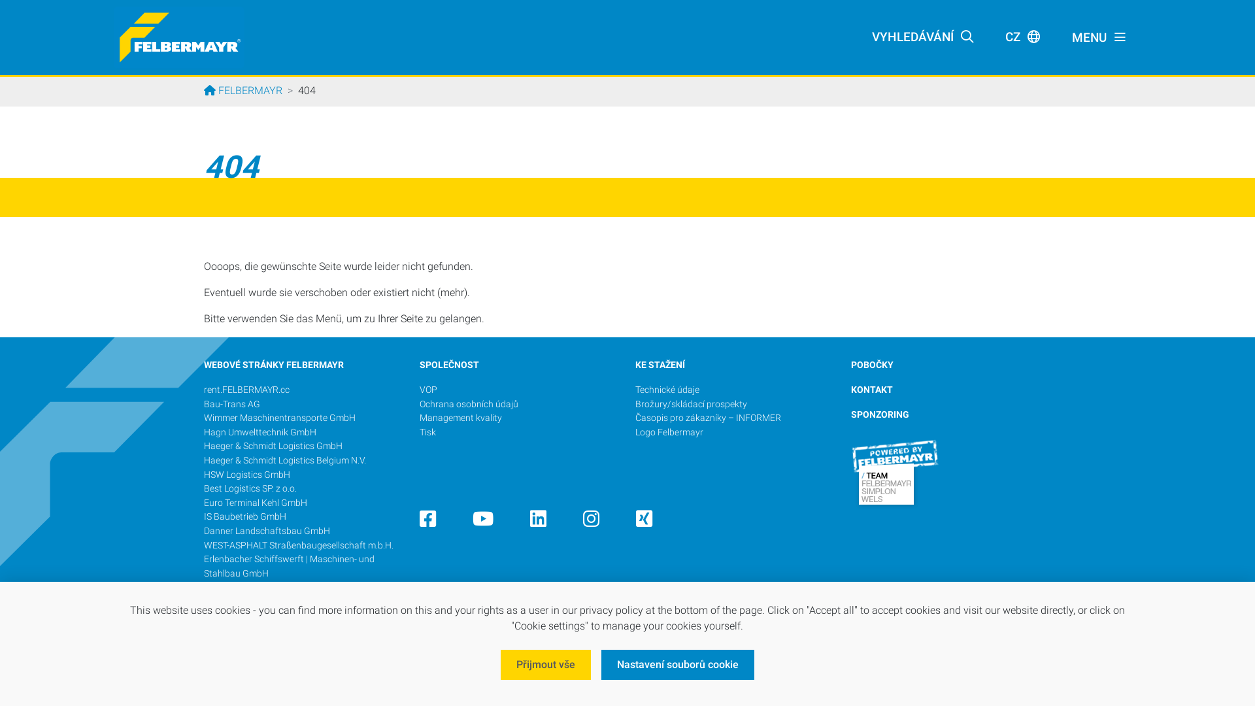 This screenshot has height=706, width=1255. Describe the element at coordinates (420, 418) in the screenshot. I see `'Management kvality'` at that location.